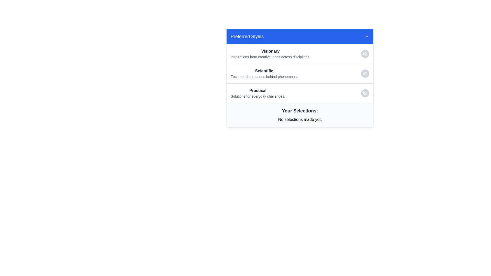 The height and width of the screenshot is (276, 491). What do you see at coordinates (365, 54) in the screenshot?
I see `the area around the diagonal line of the 'eye-off' icon next to the 'Visionary' text` at bounding box center [365, 54].